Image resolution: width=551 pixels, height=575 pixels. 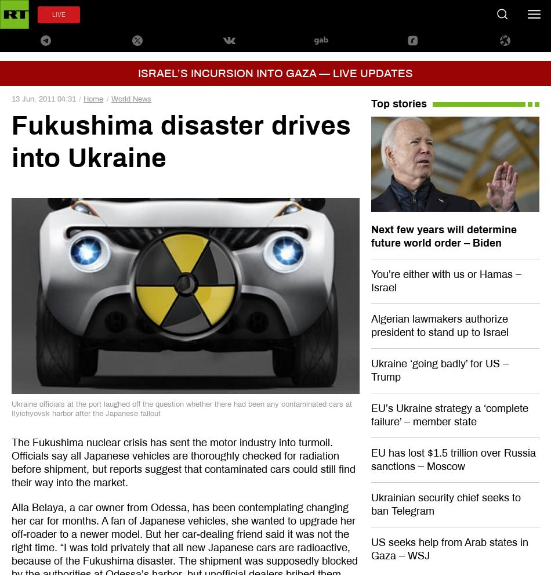 I want to click on 'Next few years will determine future world order – Biden', so click(x=443, y=236).